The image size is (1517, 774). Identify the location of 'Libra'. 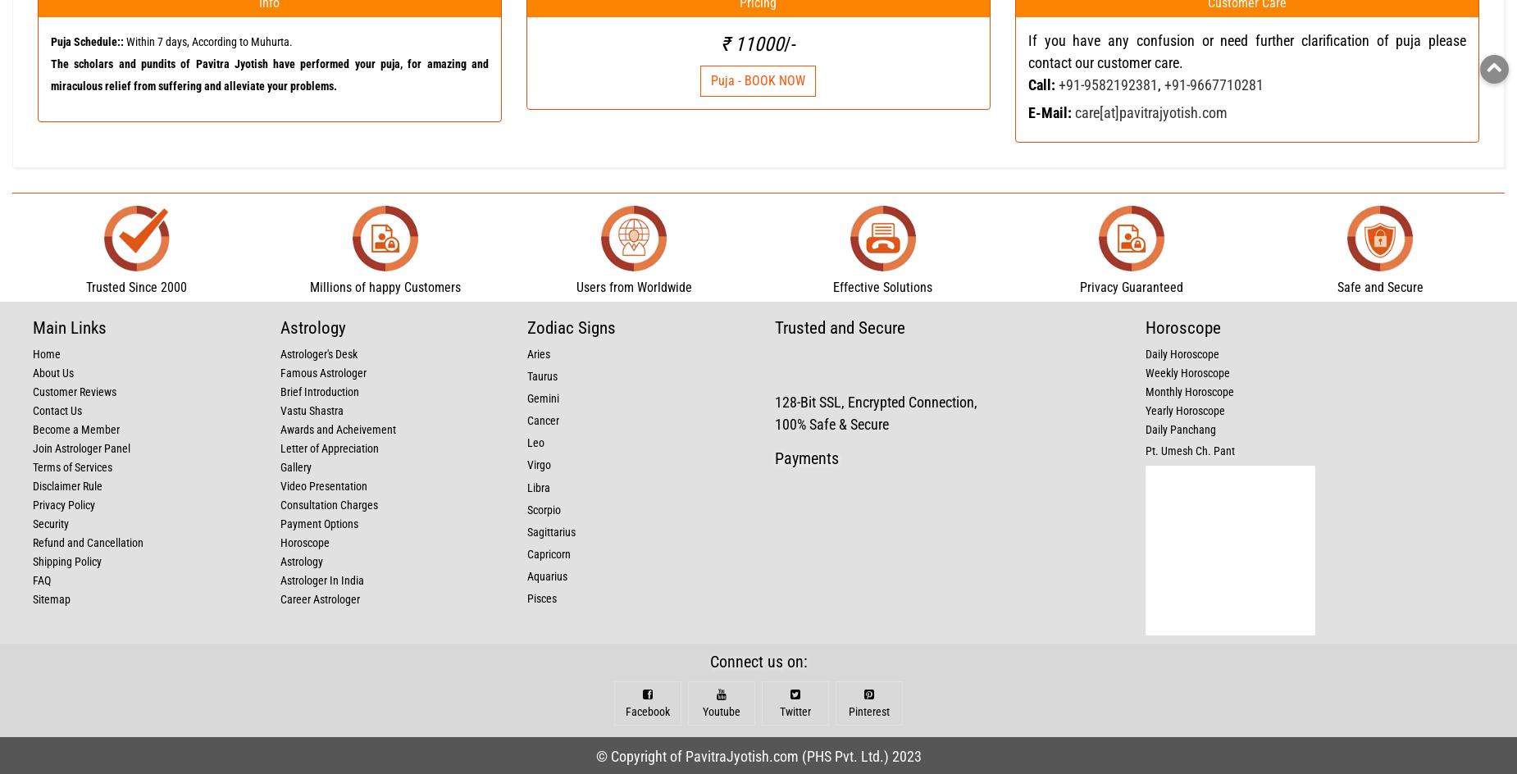
(527, 488).